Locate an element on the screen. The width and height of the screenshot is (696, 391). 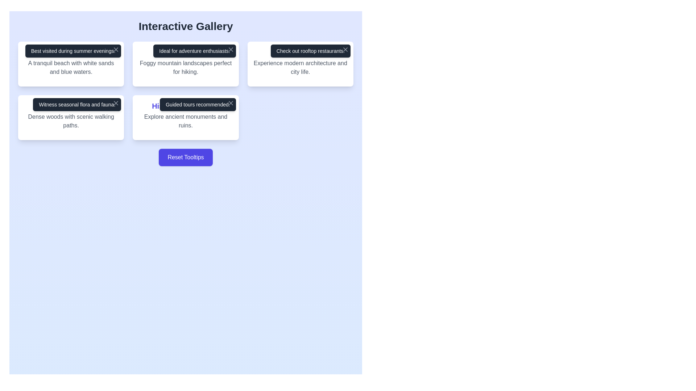
text content of the descriptive subtitle labeled 'A tranquil beach with white sands and blue waters.' located below the title 'Serenity Beach' within the card is located at coordinates (71, 67).